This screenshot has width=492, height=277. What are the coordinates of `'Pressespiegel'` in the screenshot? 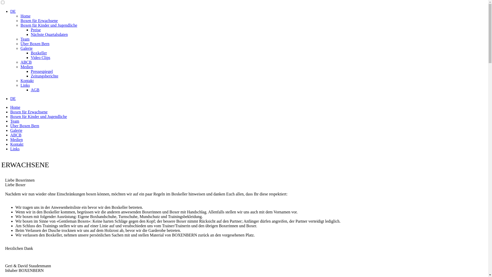 It's located at (42, 71).